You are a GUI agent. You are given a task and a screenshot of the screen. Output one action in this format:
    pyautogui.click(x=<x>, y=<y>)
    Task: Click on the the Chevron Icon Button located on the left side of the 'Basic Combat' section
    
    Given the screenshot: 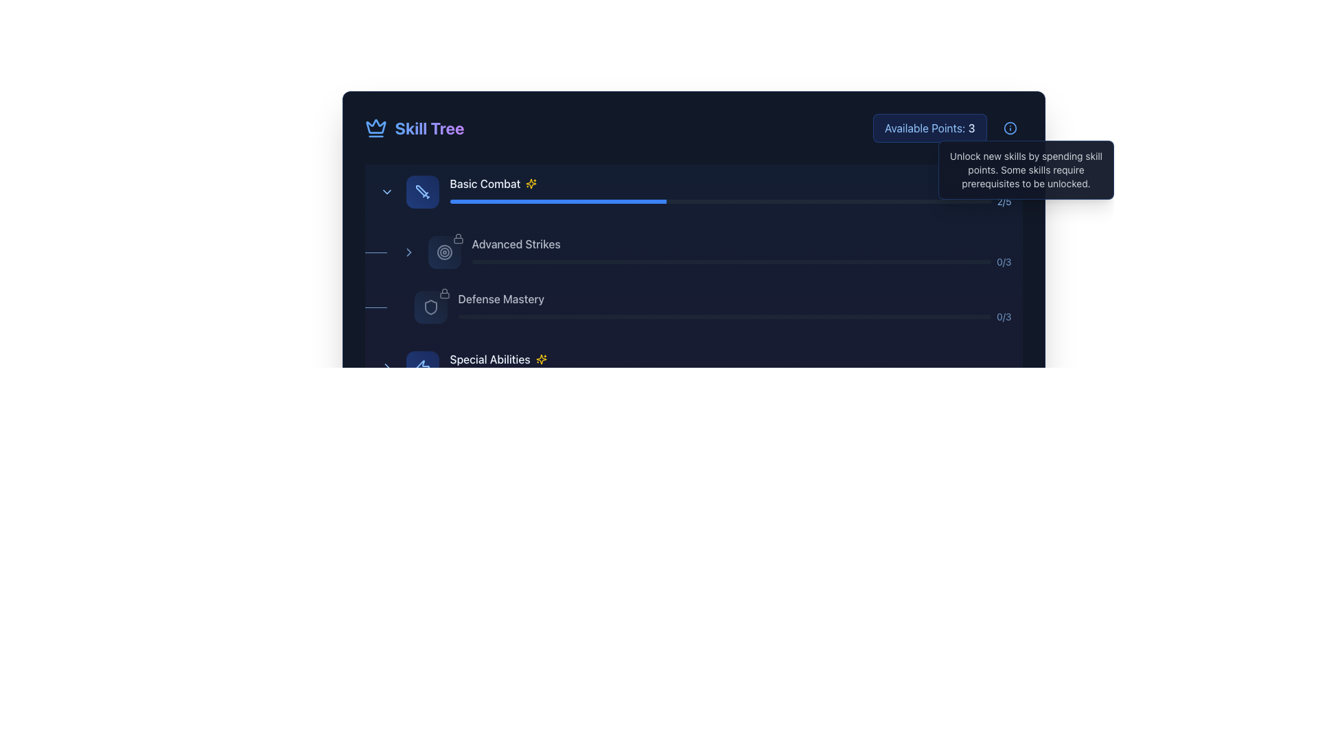 What is the action you would take?
    pyautogui.click(x=386, y=192)
    